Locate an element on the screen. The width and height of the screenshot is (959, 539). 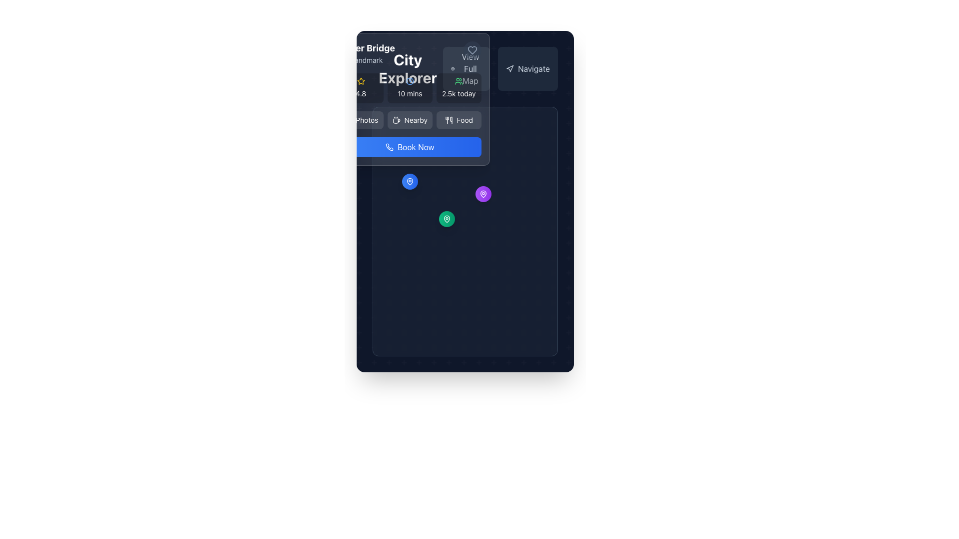
the map marker located towards the left-center area of the map interface to interact with it and view further details related to the marked location is located at coordinates (410, 182).